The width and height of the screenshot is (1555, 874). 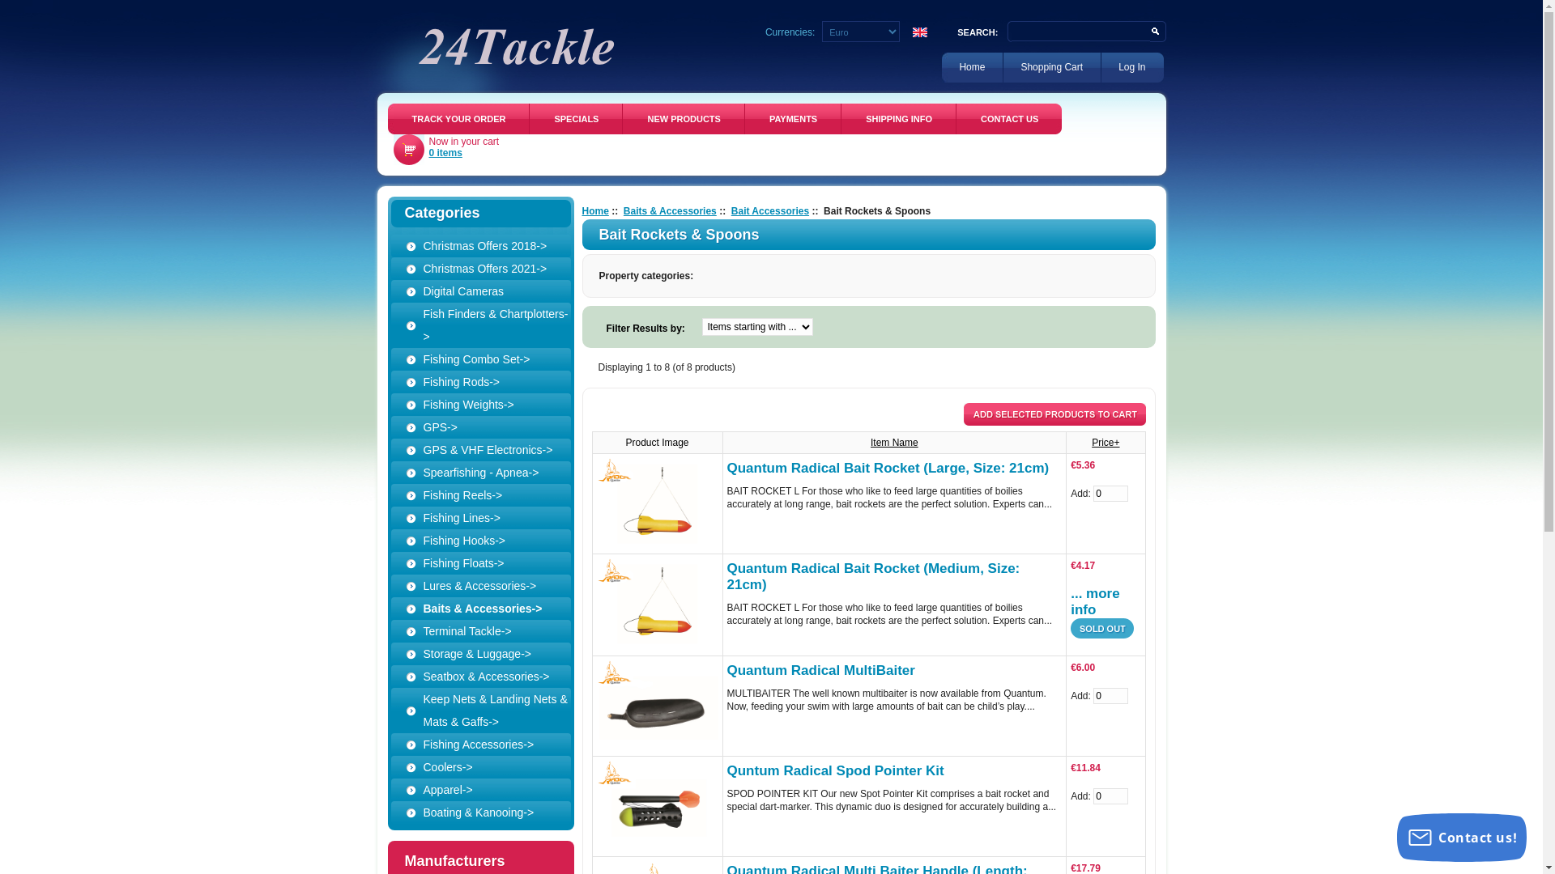 I want to click on 'Spearfishing - Apnea->', so click(x=404, y=472).